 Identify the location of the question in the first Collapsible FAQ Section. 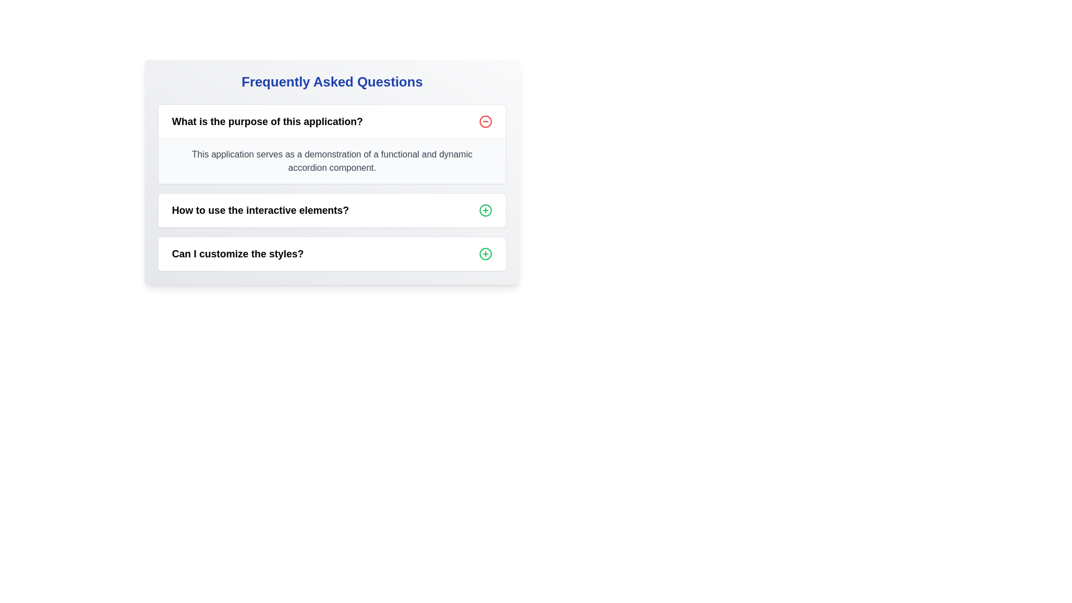
(332, 186).